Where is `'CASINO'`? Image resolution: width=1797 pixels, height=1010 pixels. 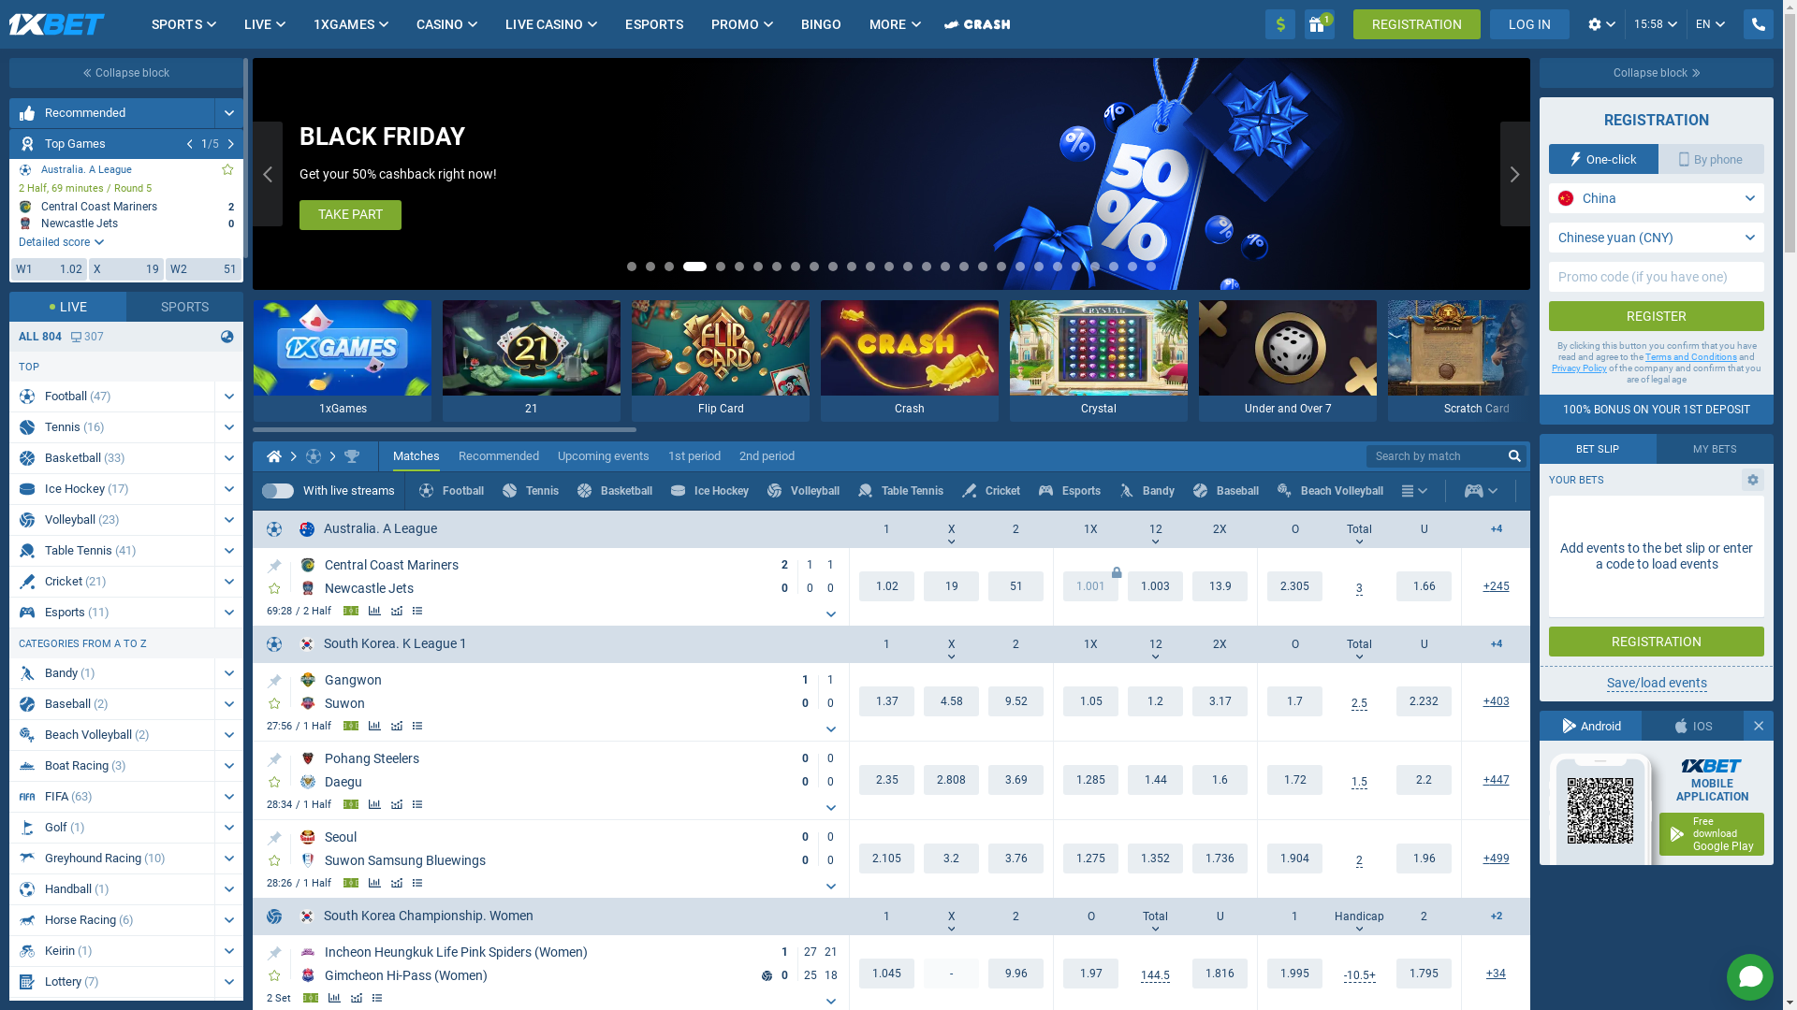
'CASINO' is located at coordinates (439, 24).